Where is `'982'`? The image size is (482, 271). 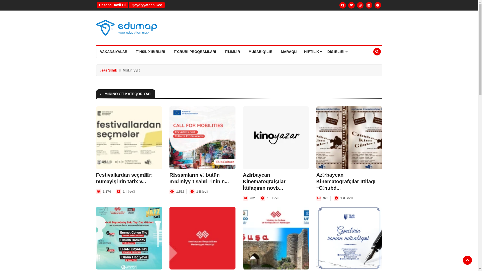 '982' is located at coordinates (249, 198).